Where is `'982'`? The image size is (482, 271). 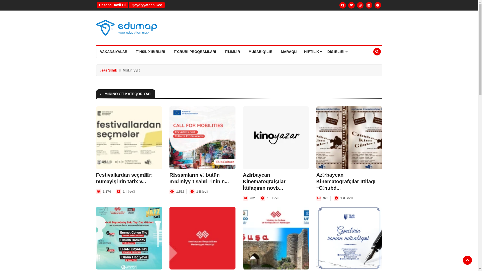 '982' is located at coordinates (249, 198).